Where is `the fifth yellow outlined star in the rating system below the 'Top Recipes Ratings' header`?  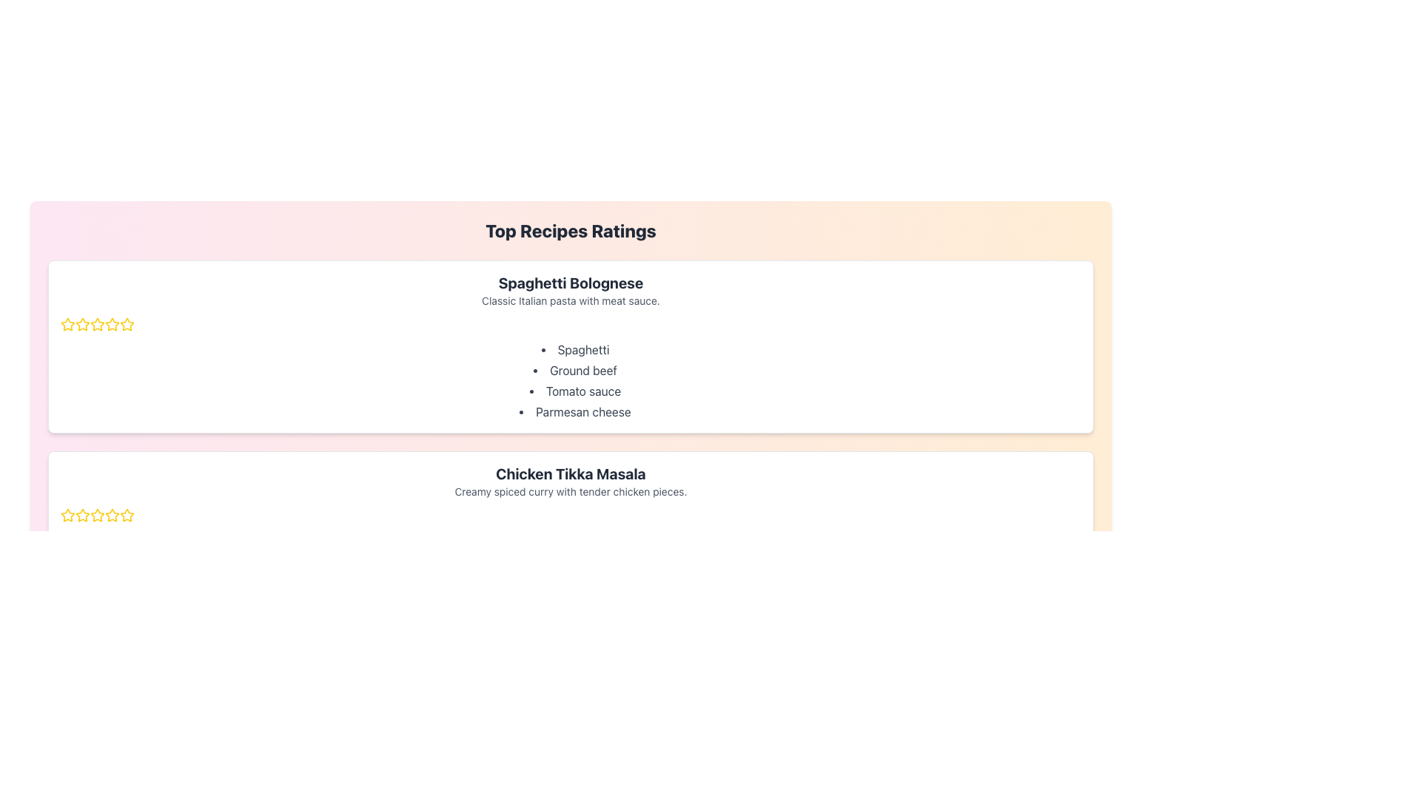
the fifth yellow outlined star in the rating system below the 'Top Recipes Ratings' header is located at coordinates (127, 324).